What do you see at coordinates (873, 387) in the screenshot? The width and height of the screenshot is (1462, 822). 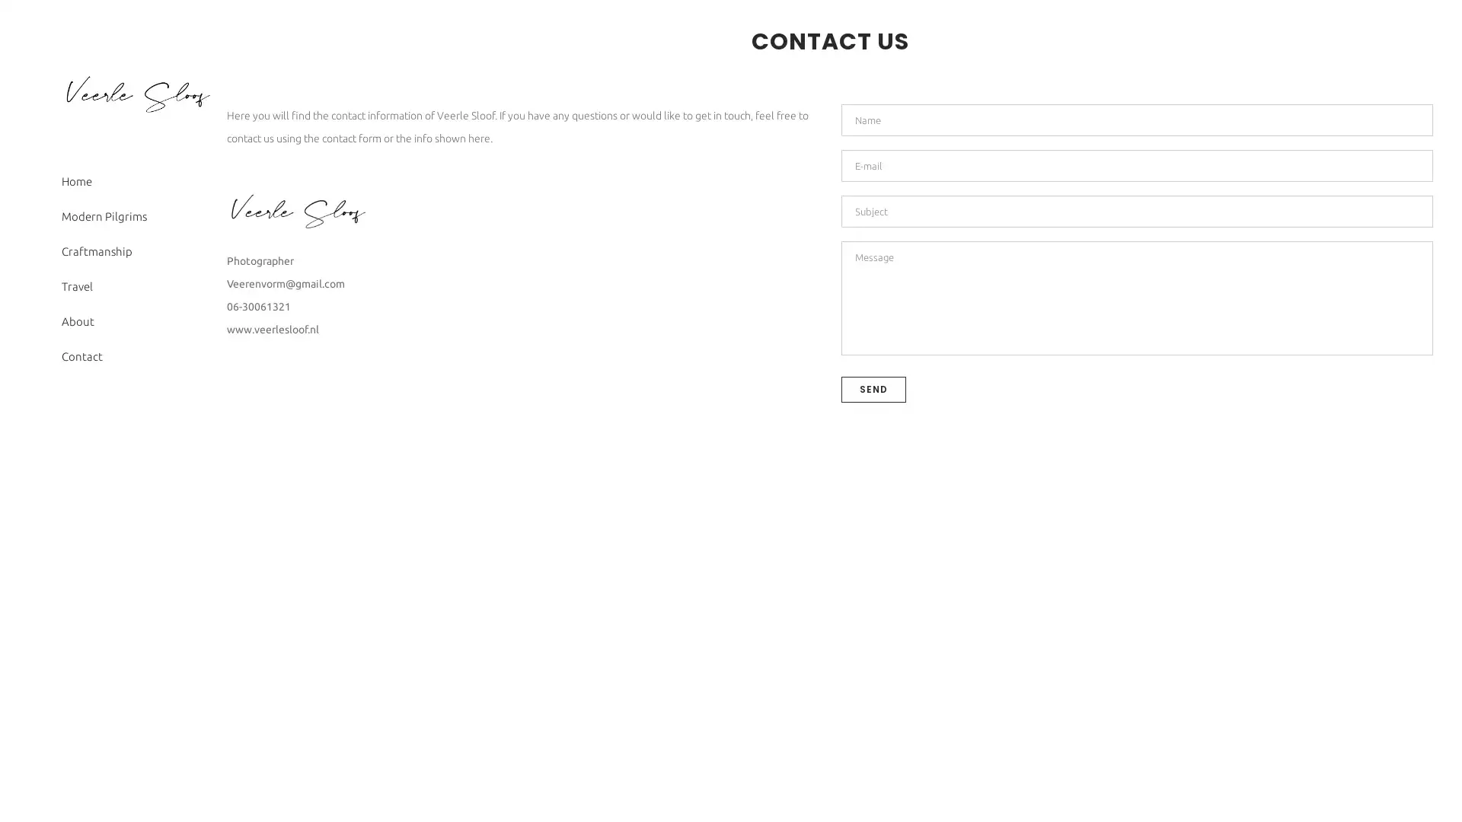 I see `Send` at bounding box center [873, 387].